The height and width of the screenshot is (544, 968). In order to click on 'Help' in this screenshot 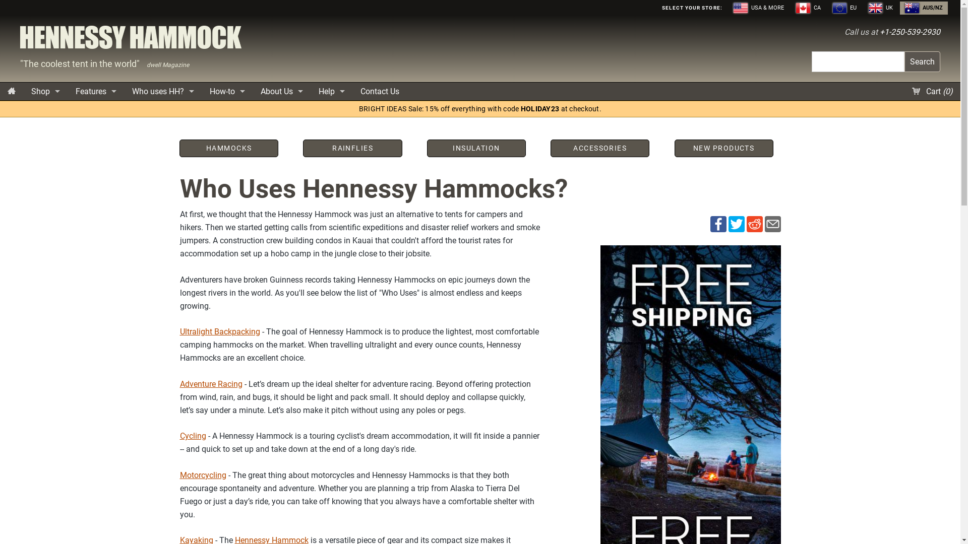, I will do `click(331, 91)`.